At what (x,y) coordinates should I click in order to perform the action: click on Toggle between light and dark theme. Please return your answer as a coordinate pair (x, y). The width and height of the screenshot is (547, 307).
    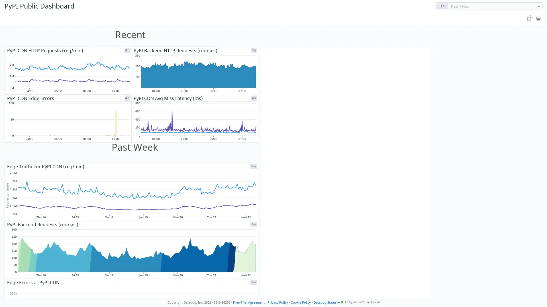
    Looking at the image, I should click on (529, 18).